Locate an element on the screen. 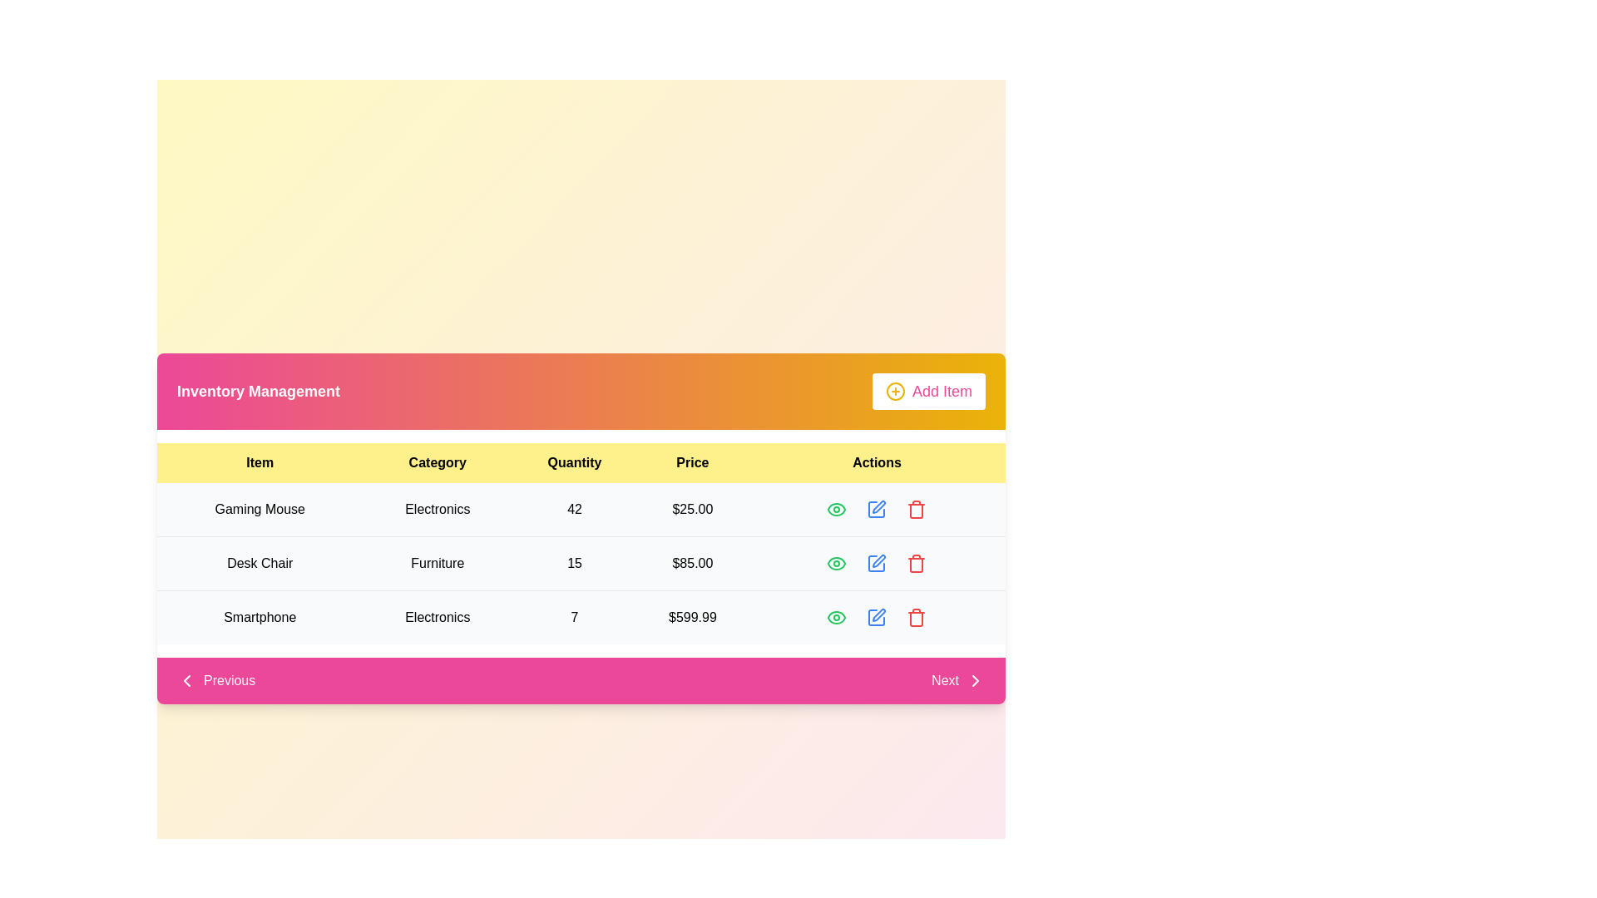 This screenshot has height=898, width=1597. the green eye icon in the 'Actions' column associated with the 'Smartphone' product is located at coordinates (837, 618).